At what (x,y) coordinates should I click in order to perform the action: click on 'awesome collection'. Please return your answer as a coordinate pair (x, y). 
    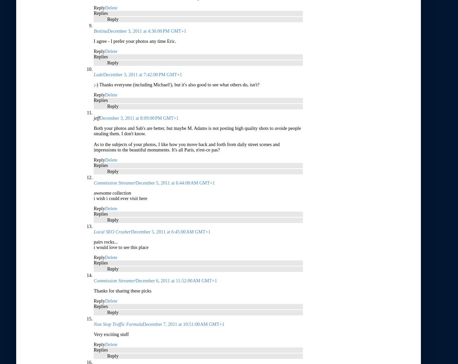
    Looking at the image, I should click on (93, 193).